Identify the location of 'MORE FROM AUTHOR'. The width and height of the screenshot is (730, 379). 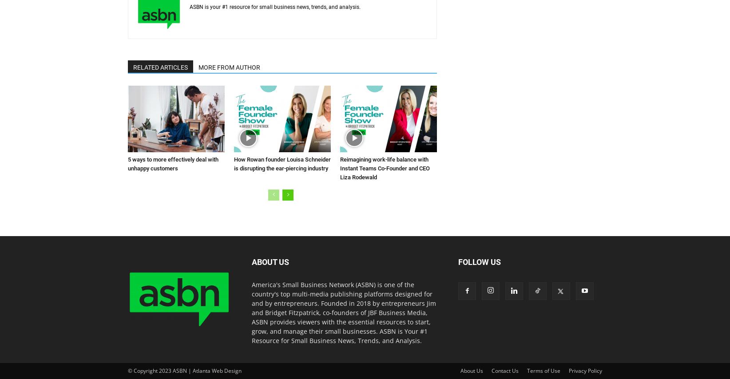
(229, 67).